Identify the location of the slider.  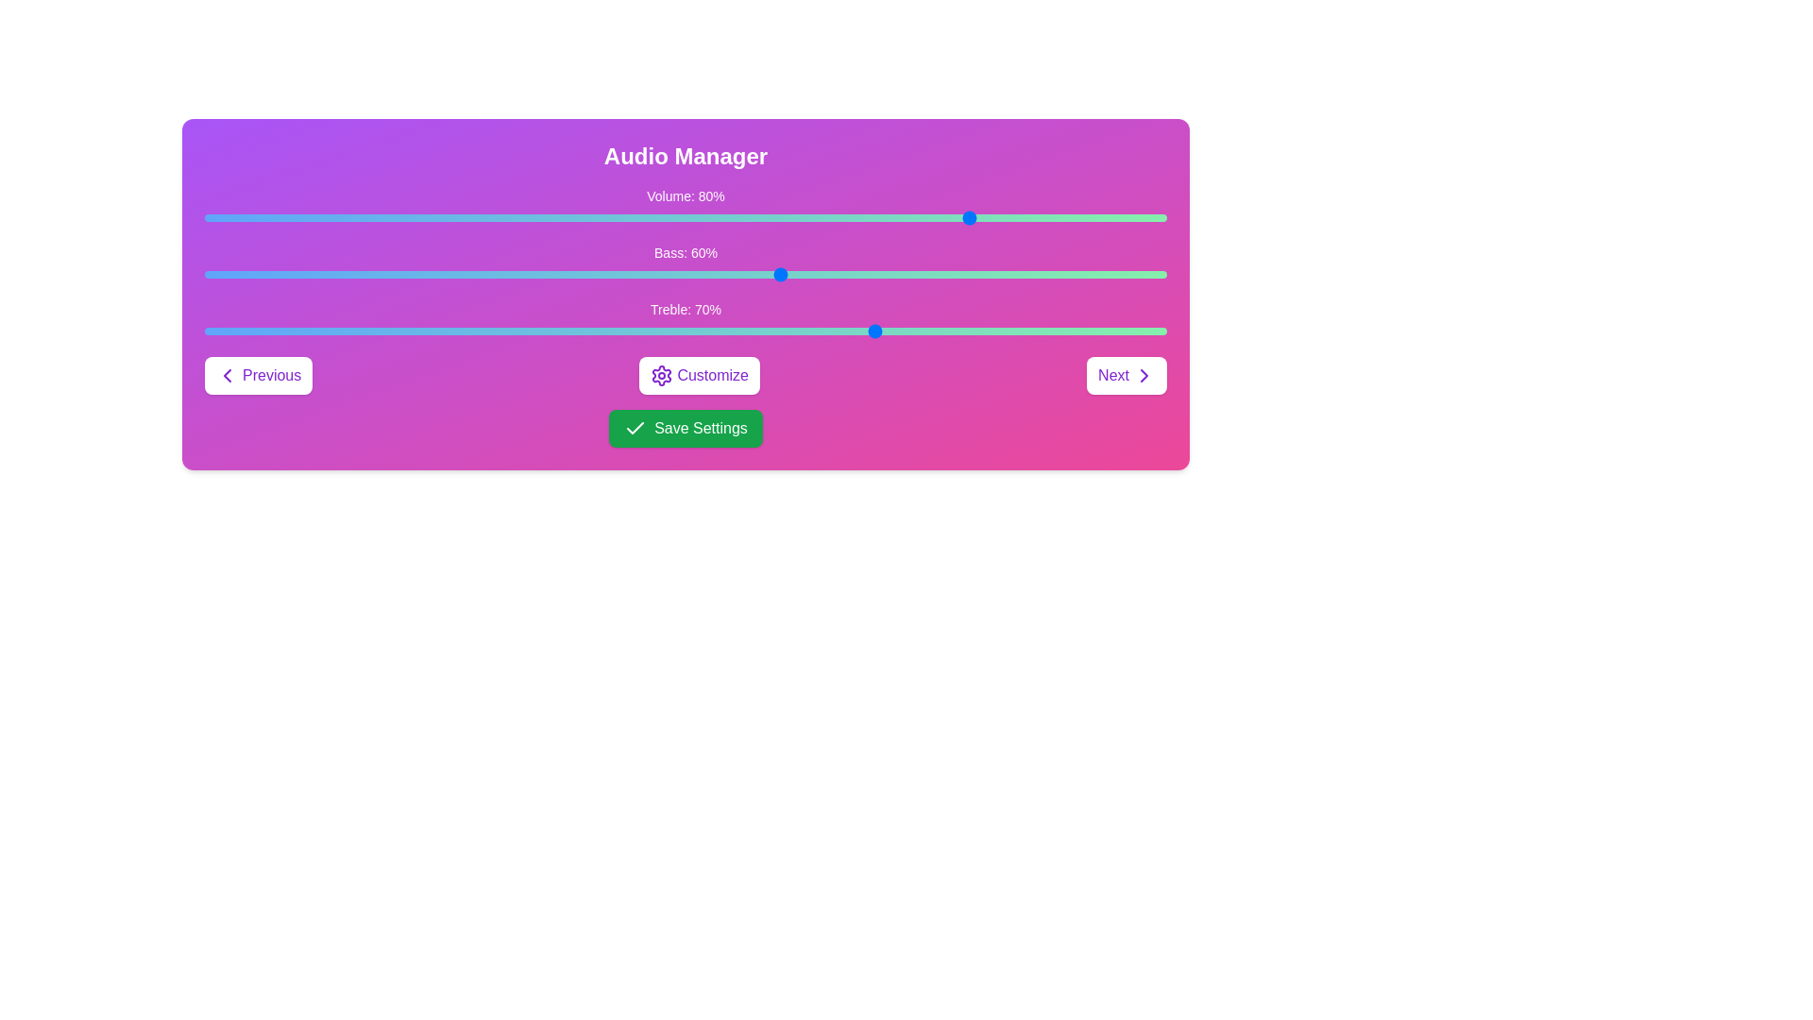
(540, 331).